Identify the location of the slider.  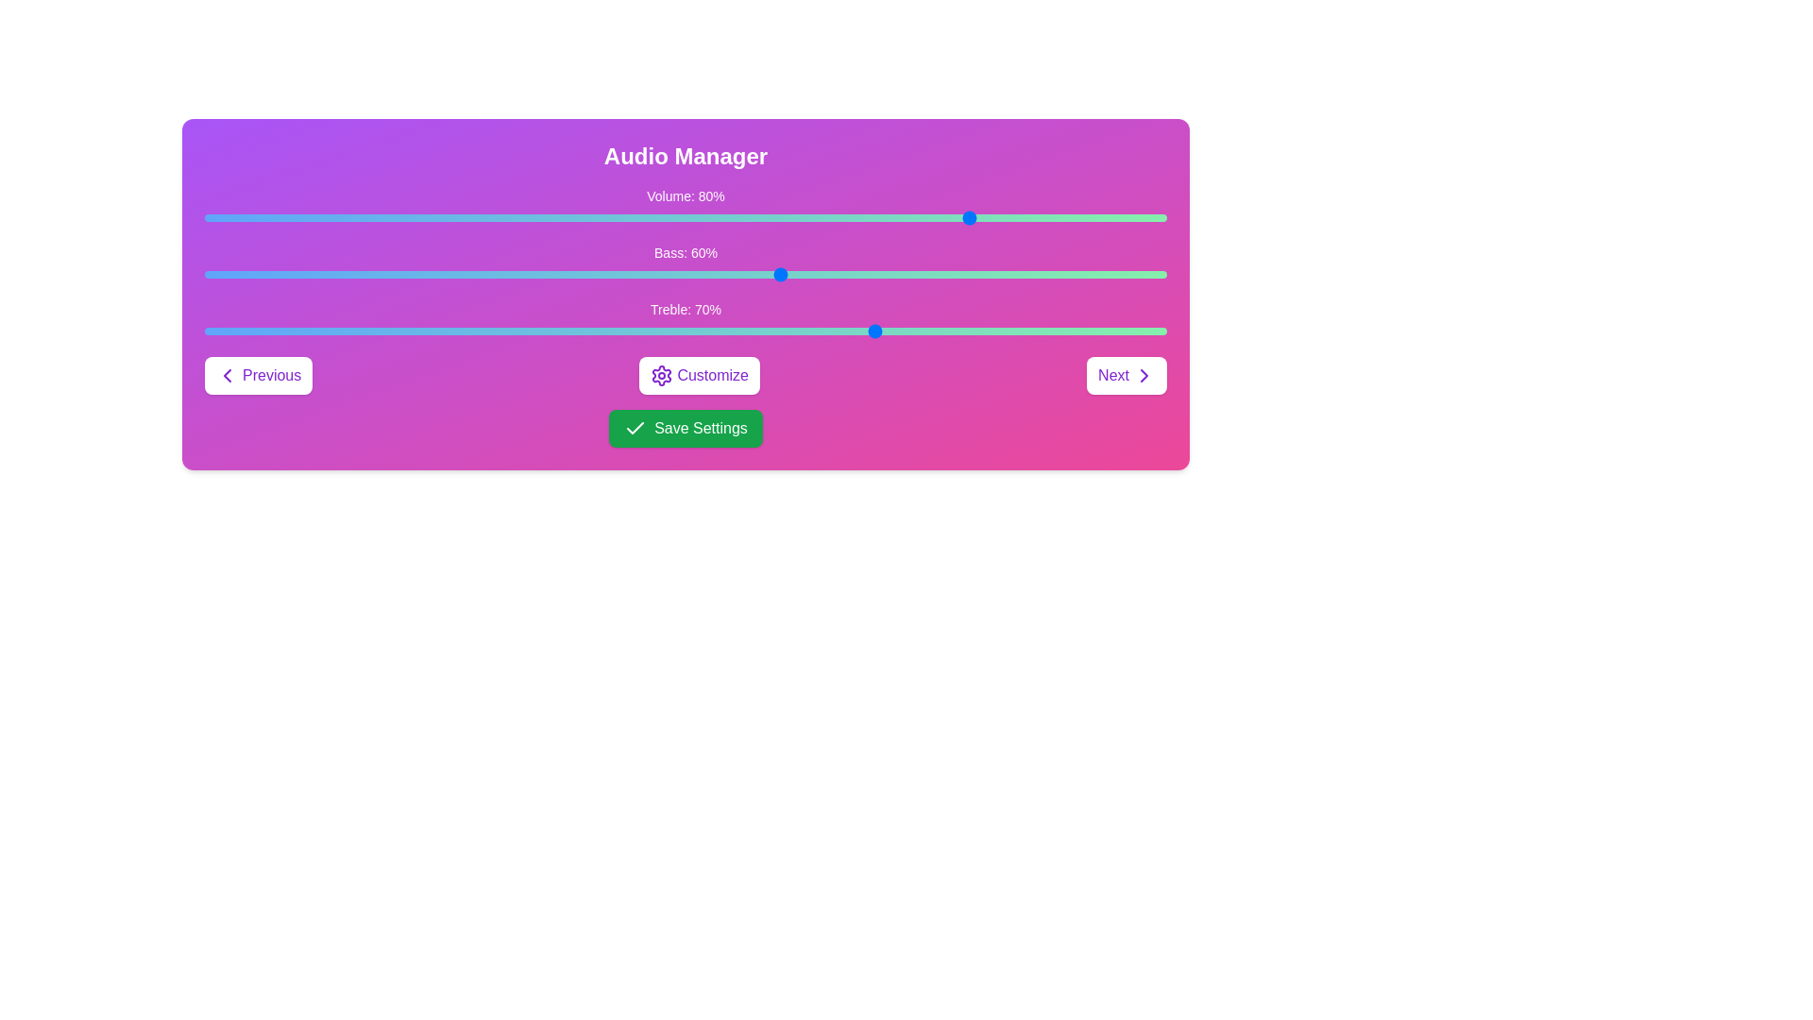
(540, 331).